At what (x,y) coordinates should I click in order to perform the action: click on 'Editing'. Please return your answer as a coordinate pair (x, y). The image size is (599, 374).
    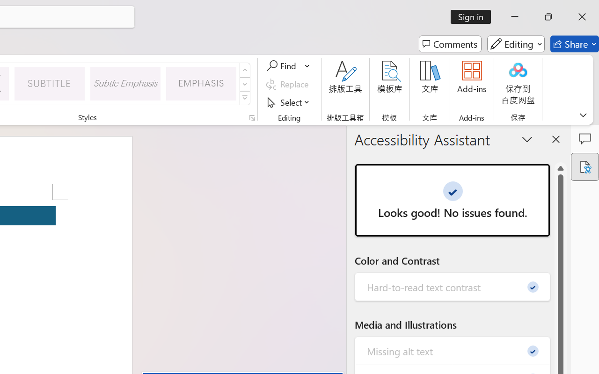
    Looking at the image, I should click on (515, 44).